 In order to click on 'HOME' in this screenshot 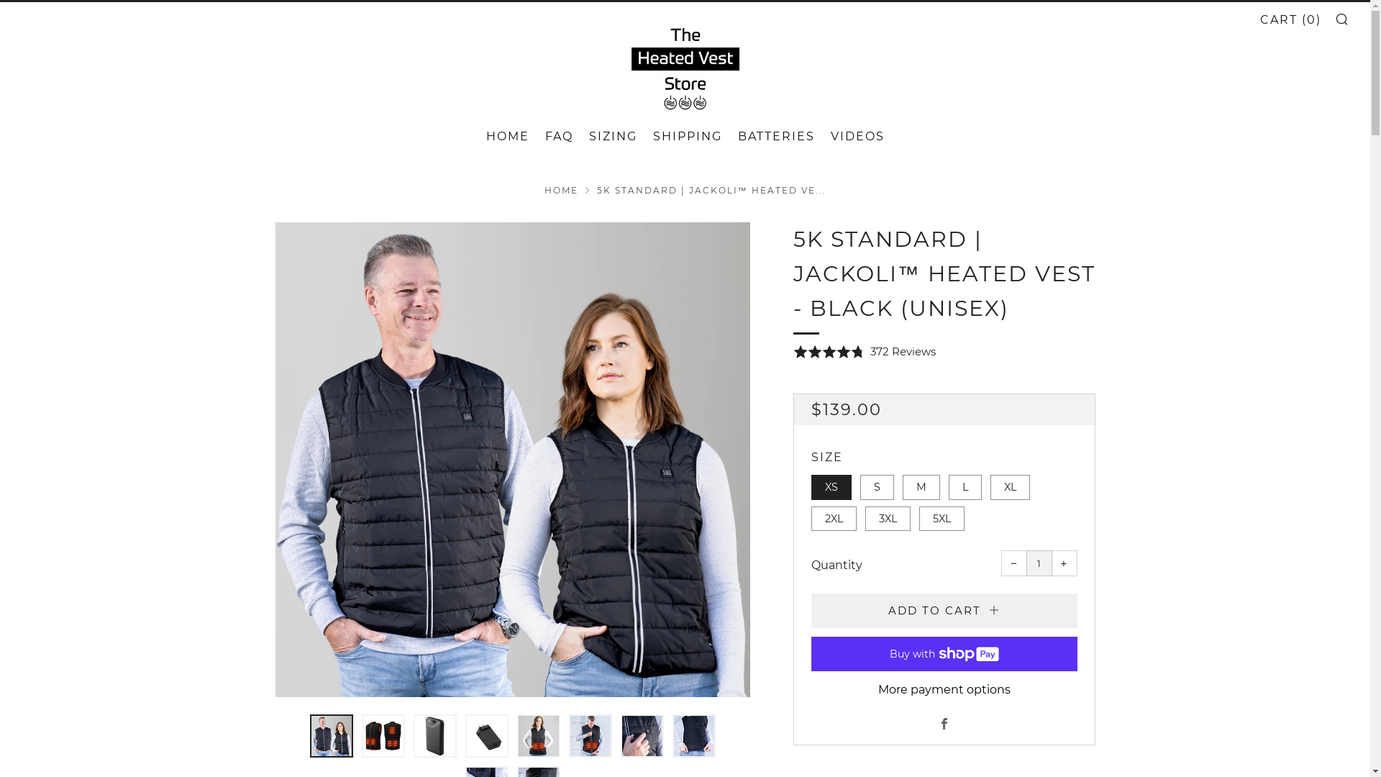, I will do `click(560, 189)`.